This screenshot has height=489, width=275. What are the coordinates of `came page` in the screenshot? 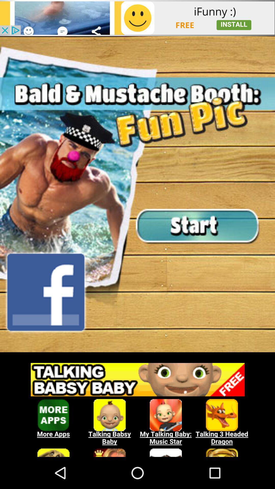 It's located at (137, 194).